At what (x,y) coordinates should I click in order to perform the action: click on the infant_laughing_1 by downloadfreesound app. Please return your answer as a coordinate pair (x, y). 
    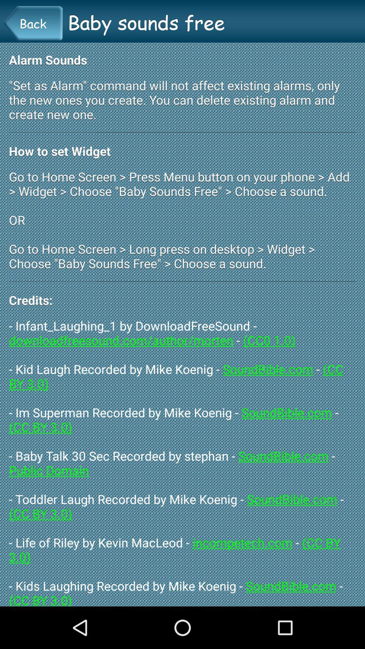
    Looking at the image, I should click on (182, 461).